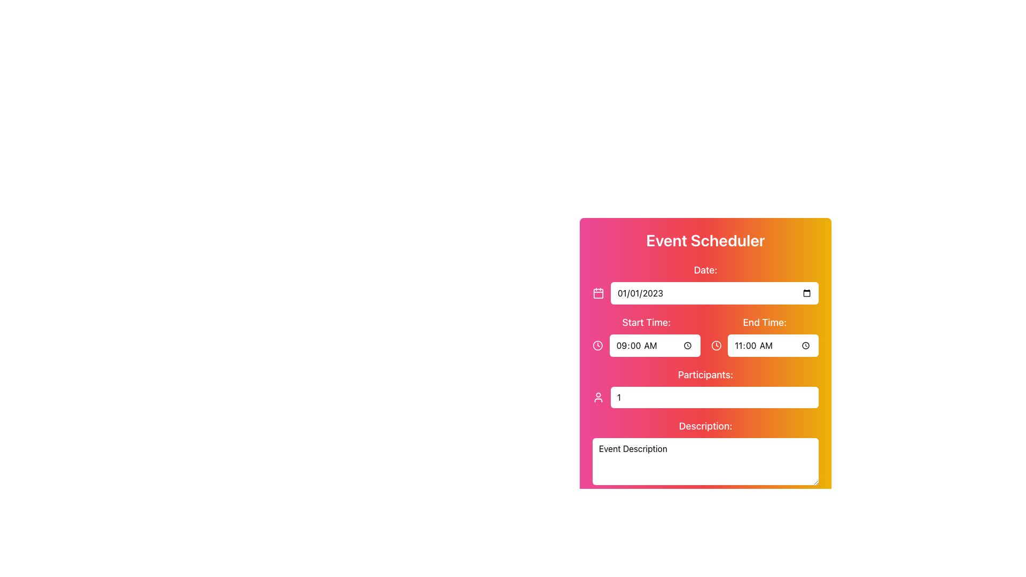  What do you see at coordinates (714, 293) in the screenshot?
I see `the date input field, which has a rounded rectangular appearance and displays '01/01/2023', to focus on it` at bounding box center [714, 293].